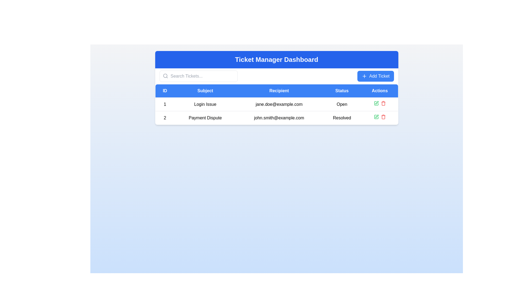 This screenshot has height=293, width=521. Describe the element at coordinates (375, 76) in the screenshot. I see `the button located in the upper-right corner of the central white card's header section, adjacent to the search bar, to observe hover effects` at that location.